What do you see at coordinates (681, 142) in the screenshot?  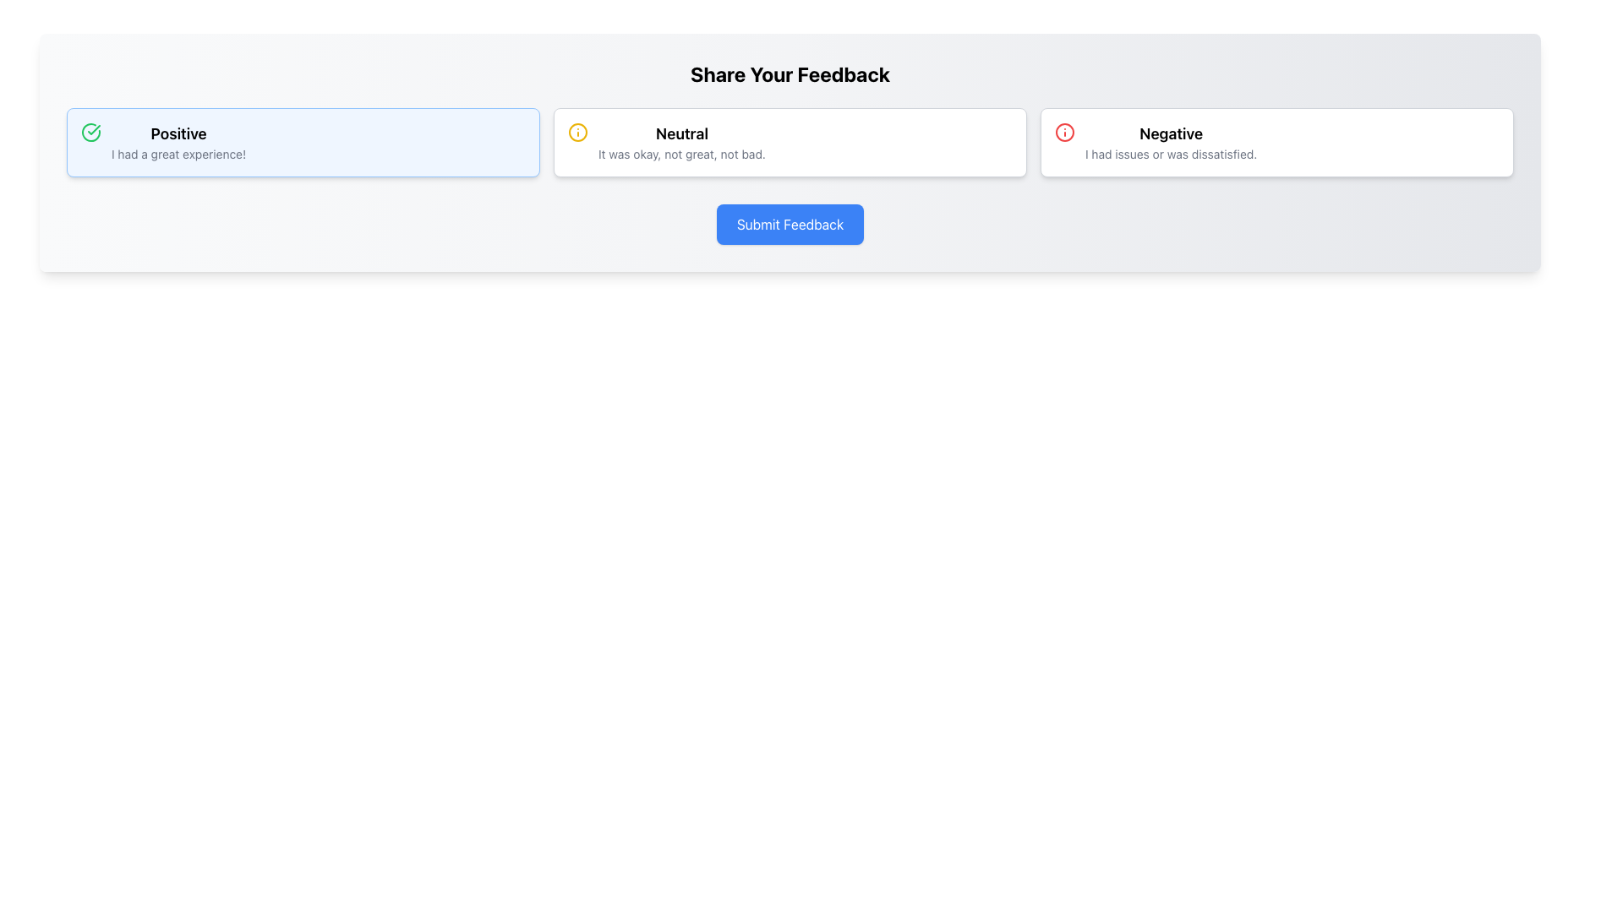 I see `the neutral feedback selection button, which is the second of three horizontally arranged options, to express a neutral experience` at bounding box center [681, 142].